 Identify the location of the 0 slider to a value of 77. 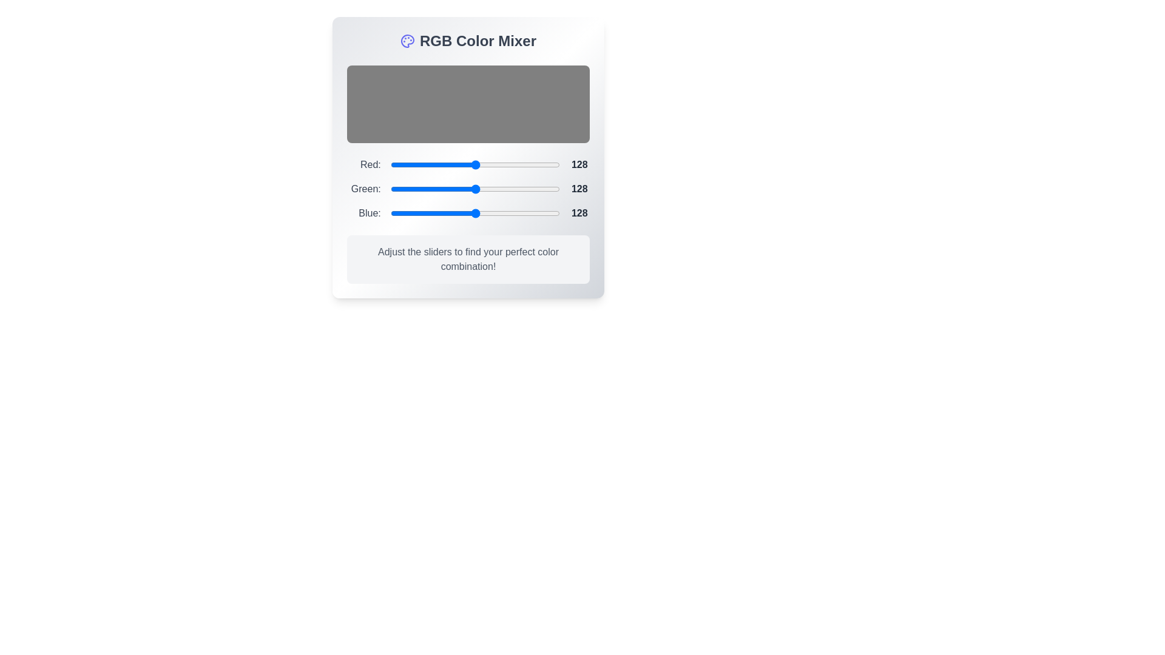
(501, 165).